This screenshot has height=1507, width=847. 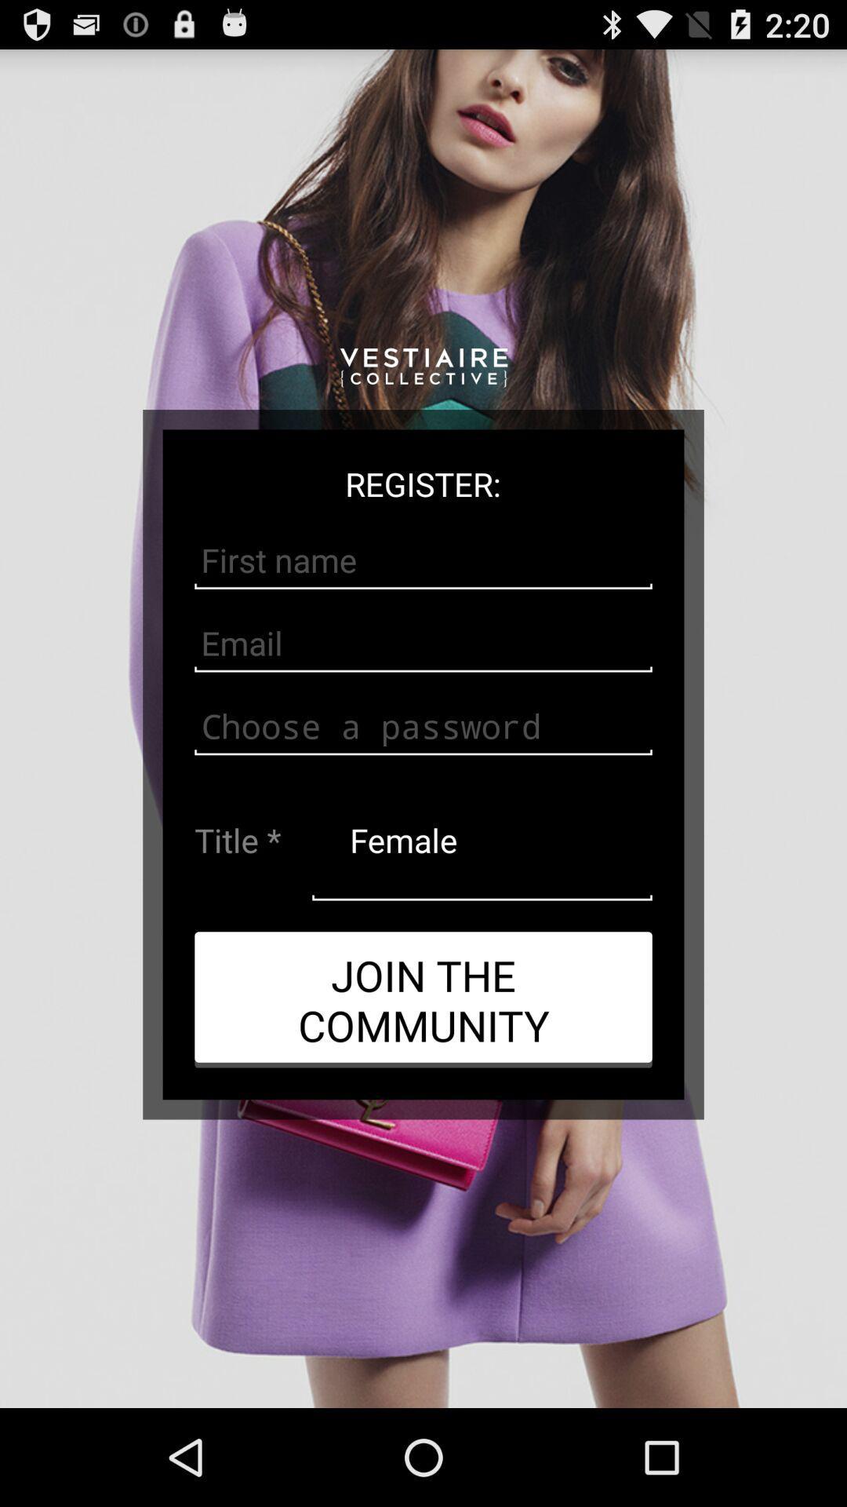 What do you see at coordinates (423, 998) in the screenshot?
I see `the join the community icon` at bounding box center [423, 998].